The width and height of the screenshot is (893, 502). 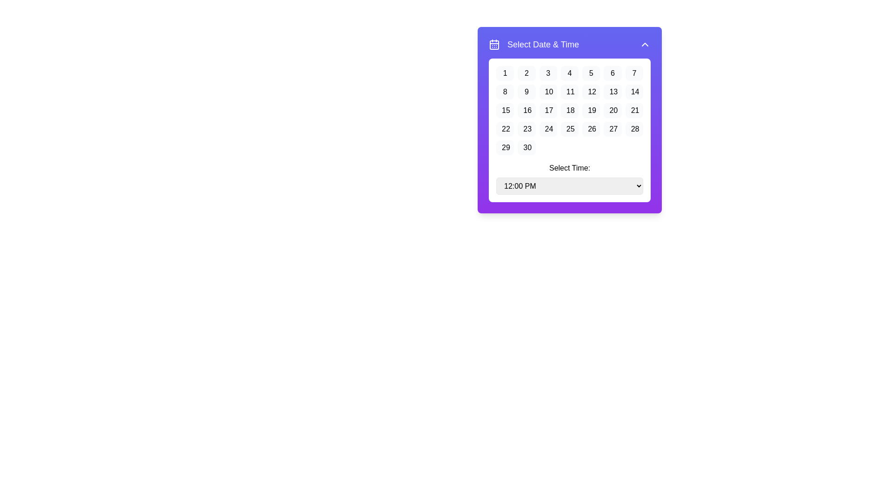 What do you see at coordinates (526, 92) in the screenshot?
I see `the button that allows the user to select the 9th day of the month in the date-picker component` at bounding box center [526, 92].